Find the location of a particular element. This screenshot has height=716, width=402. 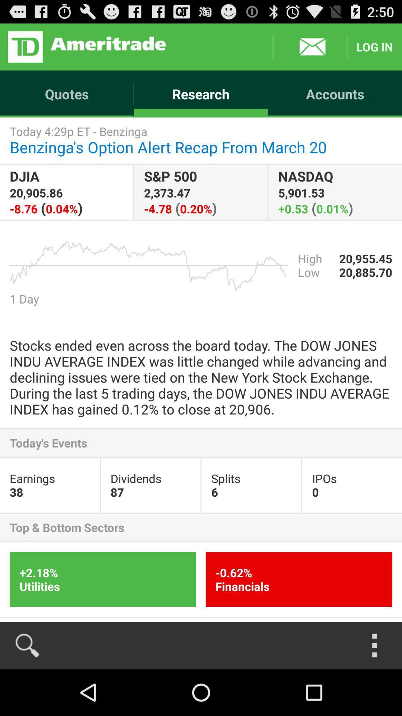

today 4 29p item is located at coordinates (201, 140).